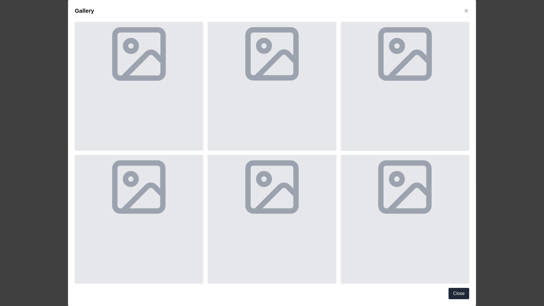  What do you see at coordinates (272, 54) in the screenshot?
I see `the rectangular decorative element with rounded edges and a light grey background, part of an SVG icon located in the top-center cell of a grid layout` at bounding box center [272, 54].